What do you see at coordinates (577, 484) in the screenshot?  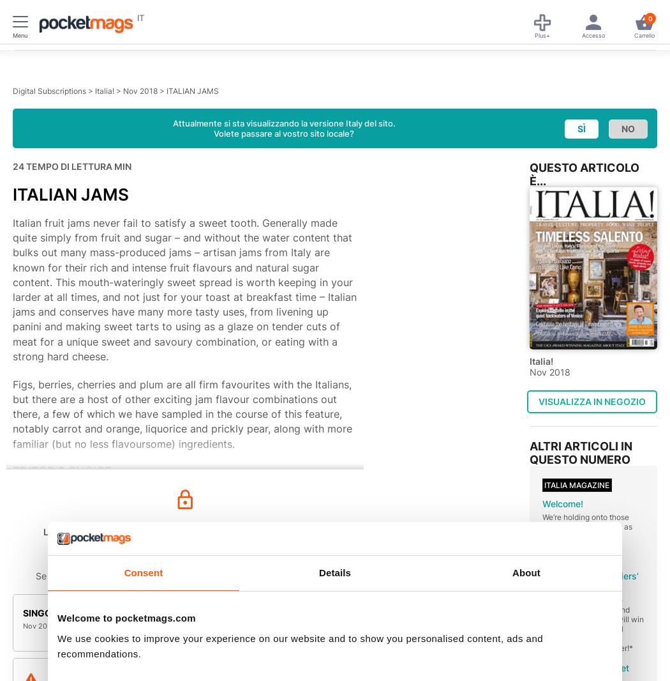 I see `'Italia magazine'` at bounding box center [577, 484].